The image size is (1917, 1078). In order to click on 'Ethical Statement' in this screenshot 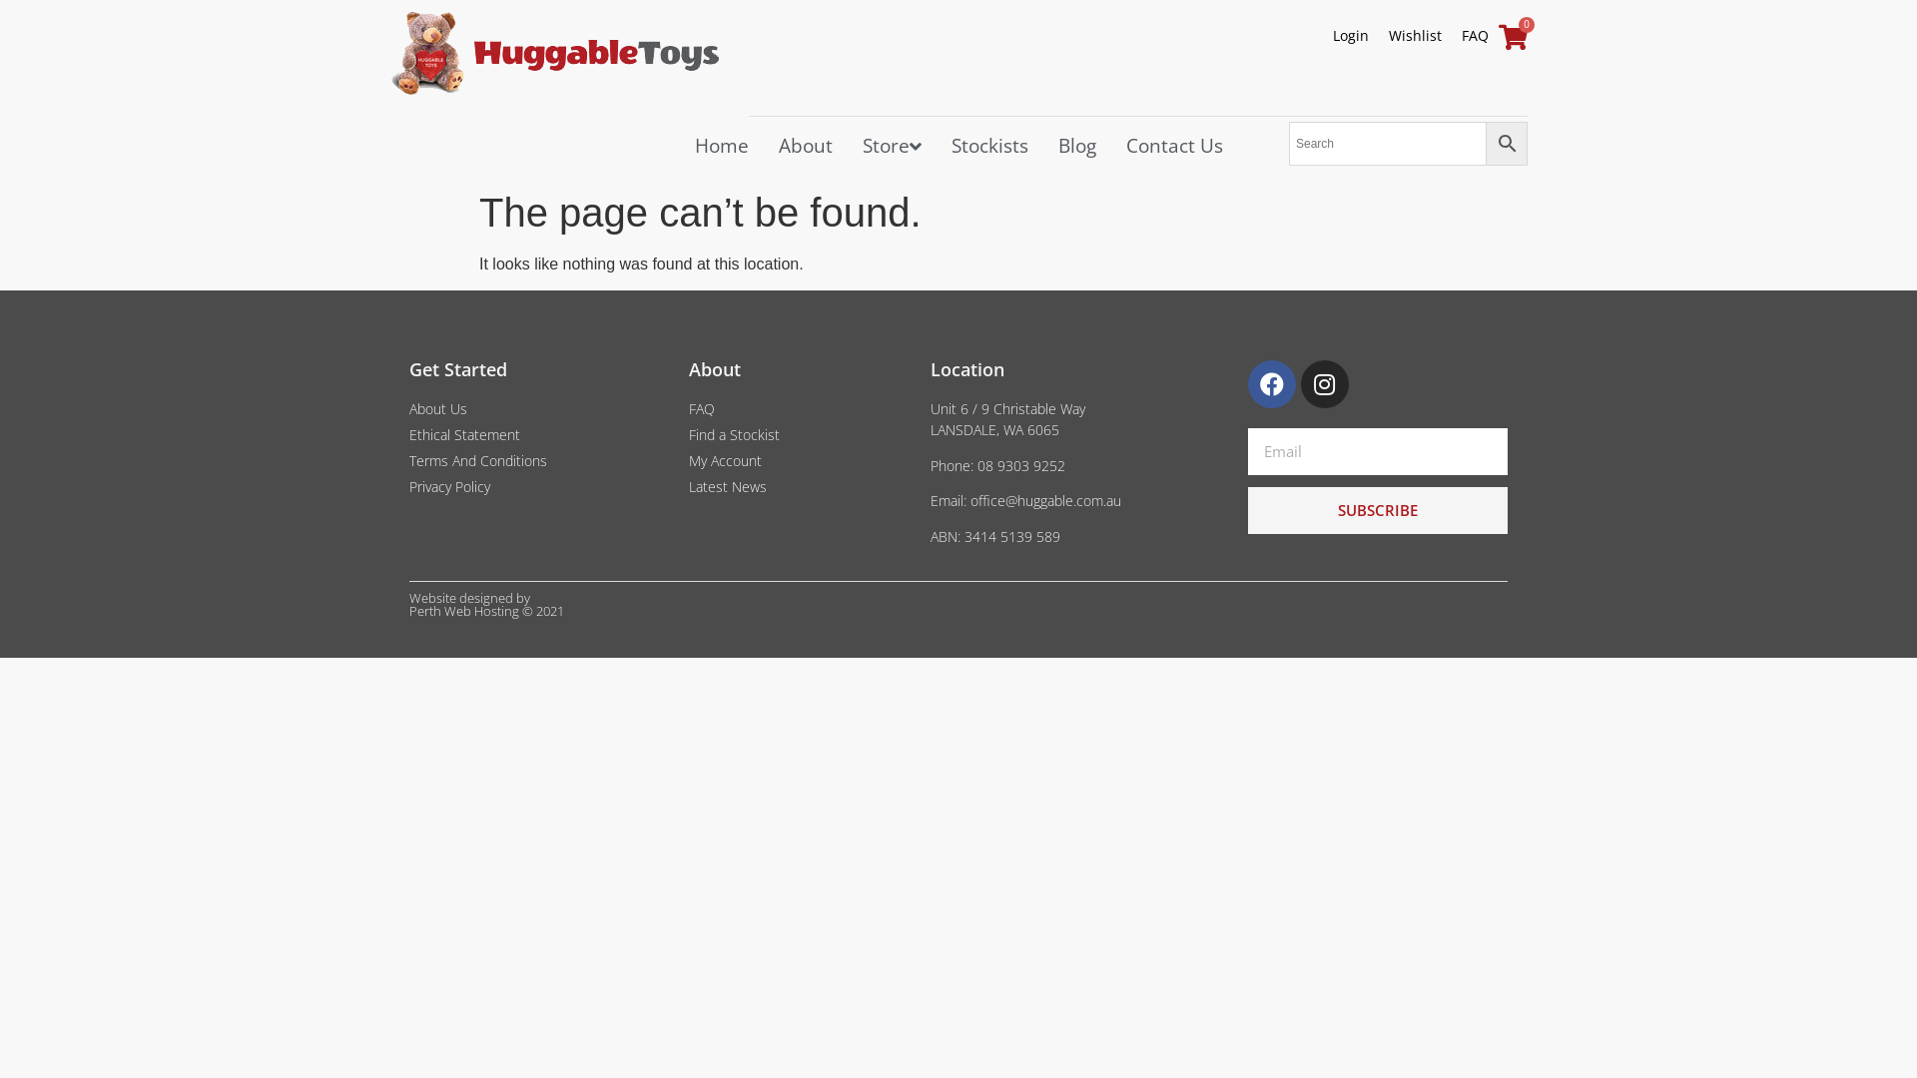, I will do `click(538, 433)`.